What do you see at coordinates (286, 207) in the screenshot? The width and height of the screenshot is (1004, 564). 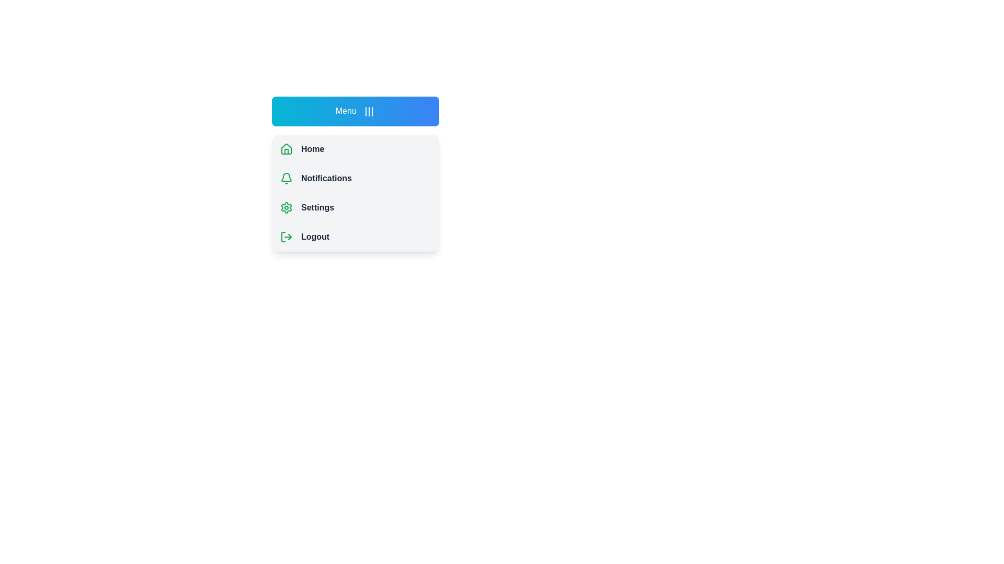 I see `the icon next to Settings` at bounding box center [286, 207].